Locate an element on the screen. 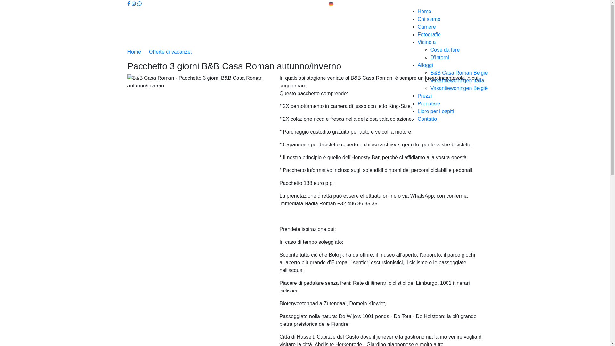 This screenshot has width=615, height=346. 'Contatto' is located at coordinates (418, 119).